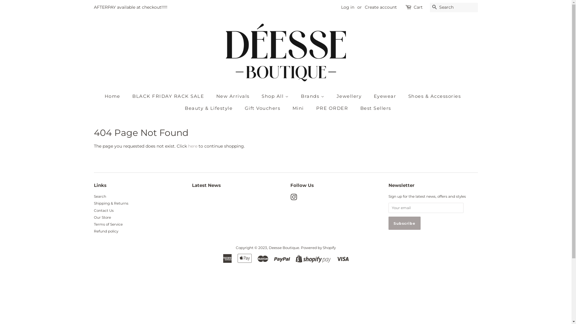 The image size is (576, 324). I want to click on 'Latest News', so click(206, 185).